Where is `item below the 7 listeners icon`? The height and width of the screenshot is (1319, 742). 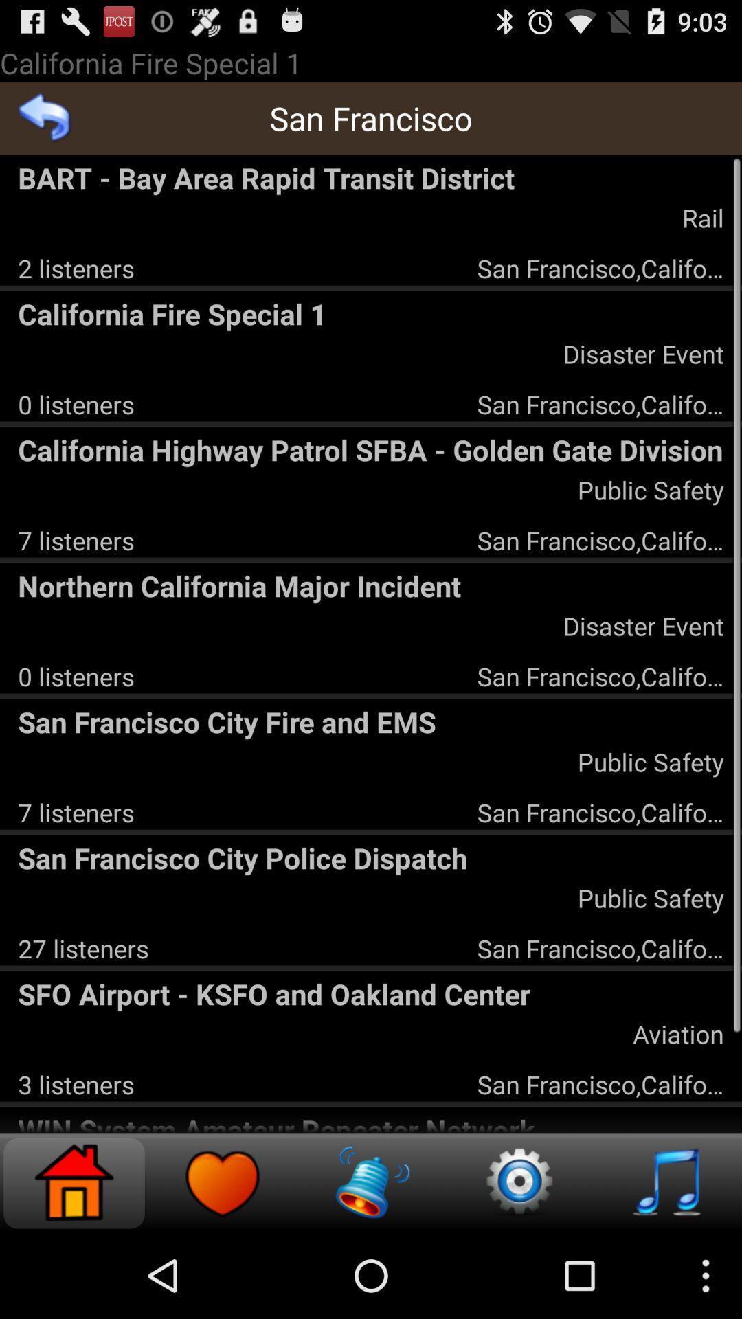
item below the 7 listeners icon is located at coordinates (371, 585).